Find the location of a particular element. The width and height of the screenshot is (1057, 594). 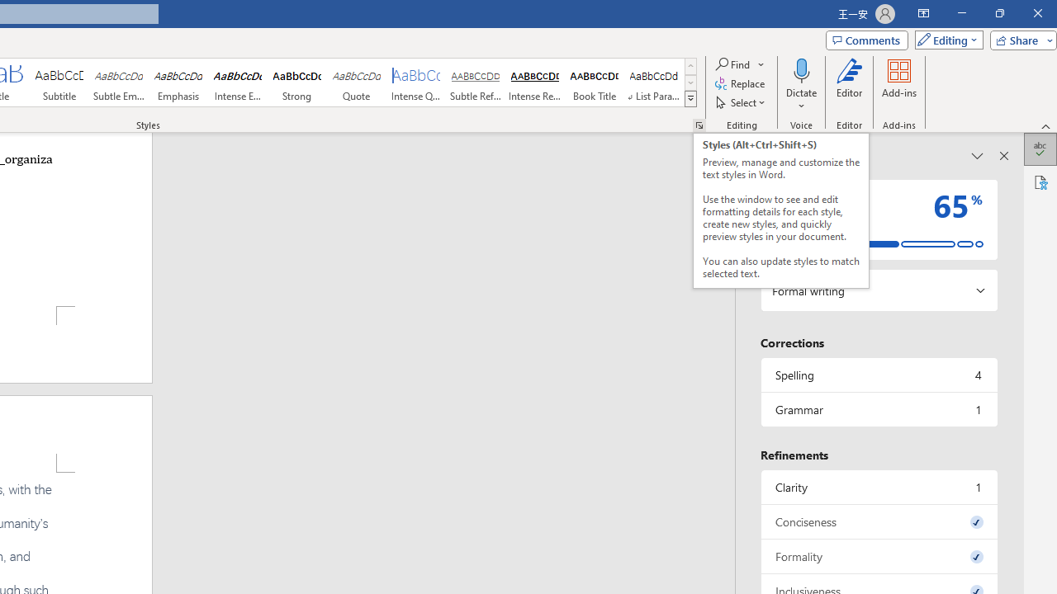

'Book Title' is located at coordinates (595, 82).